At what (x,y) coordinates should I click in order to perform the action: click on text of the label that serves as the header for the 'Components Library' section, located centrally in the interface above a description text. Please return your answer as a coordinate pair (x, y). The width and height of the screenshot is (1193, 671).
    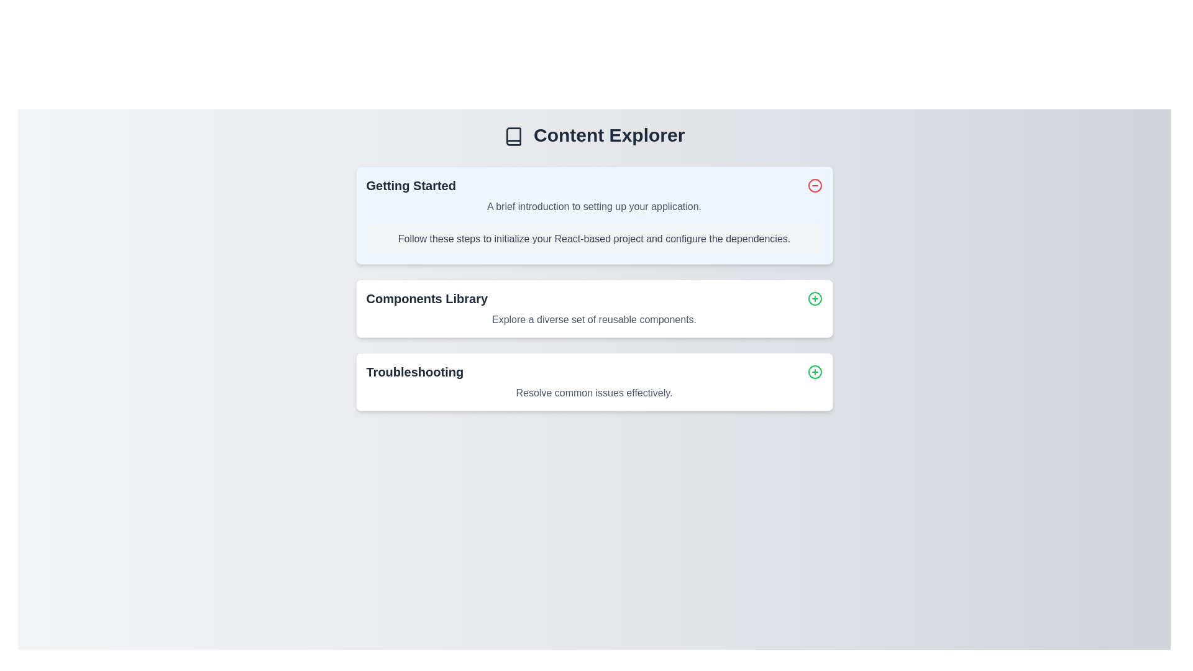
    Looking at the image, I should click on (427, 299).